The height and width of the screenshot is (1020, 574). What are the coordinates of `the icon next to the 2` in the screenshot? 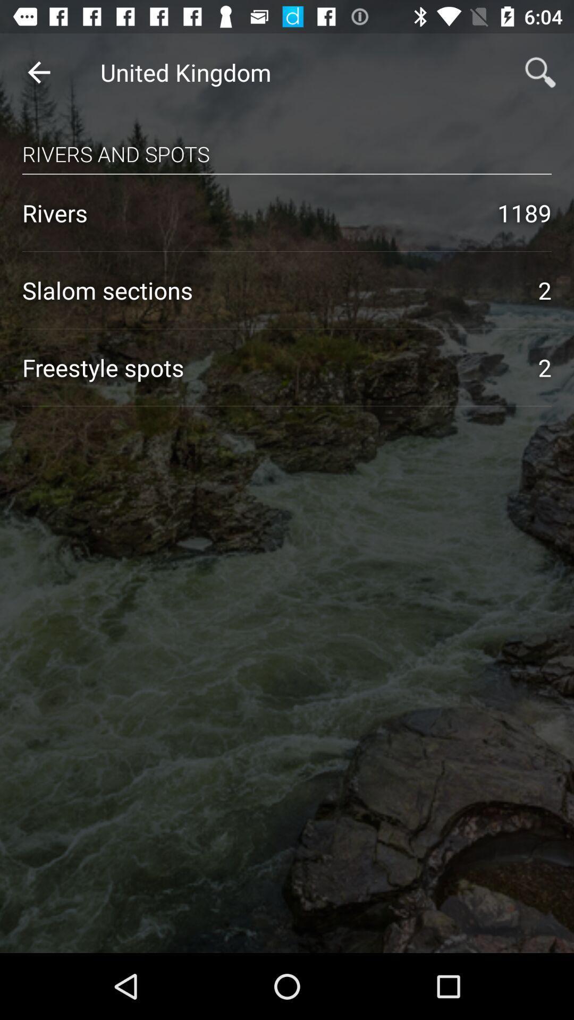 It's located at (268, 290).